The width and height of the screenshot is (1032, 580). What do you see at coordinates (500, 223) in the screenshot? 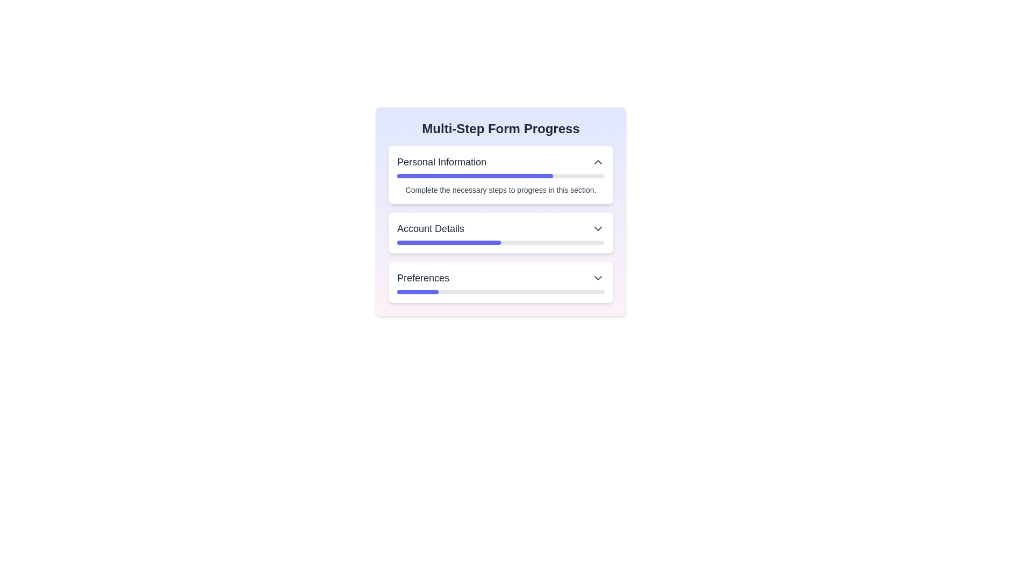
I see `the 'Account Details' collapsible section in the multi-step form UI, which is styled with a white background, rounded corners, and shadow effect, located between the 'Personal Information' and 'Preferences' sections` at bounding box center [500, 223].